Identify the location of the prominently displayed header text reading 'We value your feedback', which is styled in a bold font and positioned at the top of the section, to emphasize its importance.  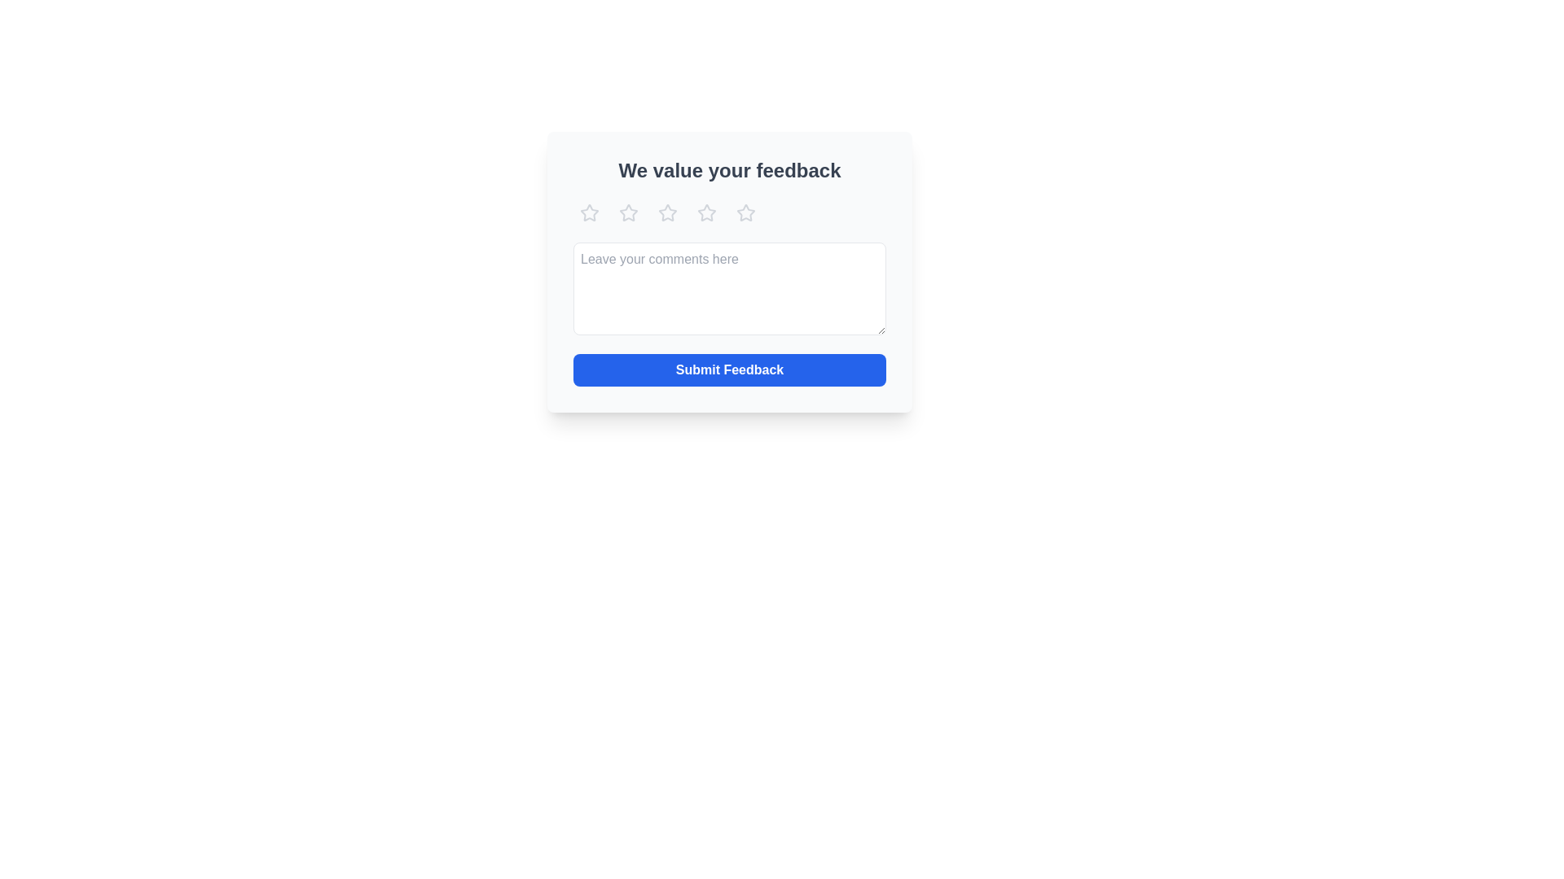
(729, 170).